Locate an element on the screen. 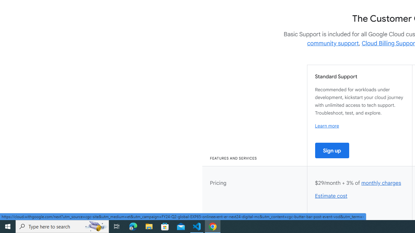 Image resolution: width=415 pixels, height=233 pixels. 'Sign up' is located at coordinates (332, 150).